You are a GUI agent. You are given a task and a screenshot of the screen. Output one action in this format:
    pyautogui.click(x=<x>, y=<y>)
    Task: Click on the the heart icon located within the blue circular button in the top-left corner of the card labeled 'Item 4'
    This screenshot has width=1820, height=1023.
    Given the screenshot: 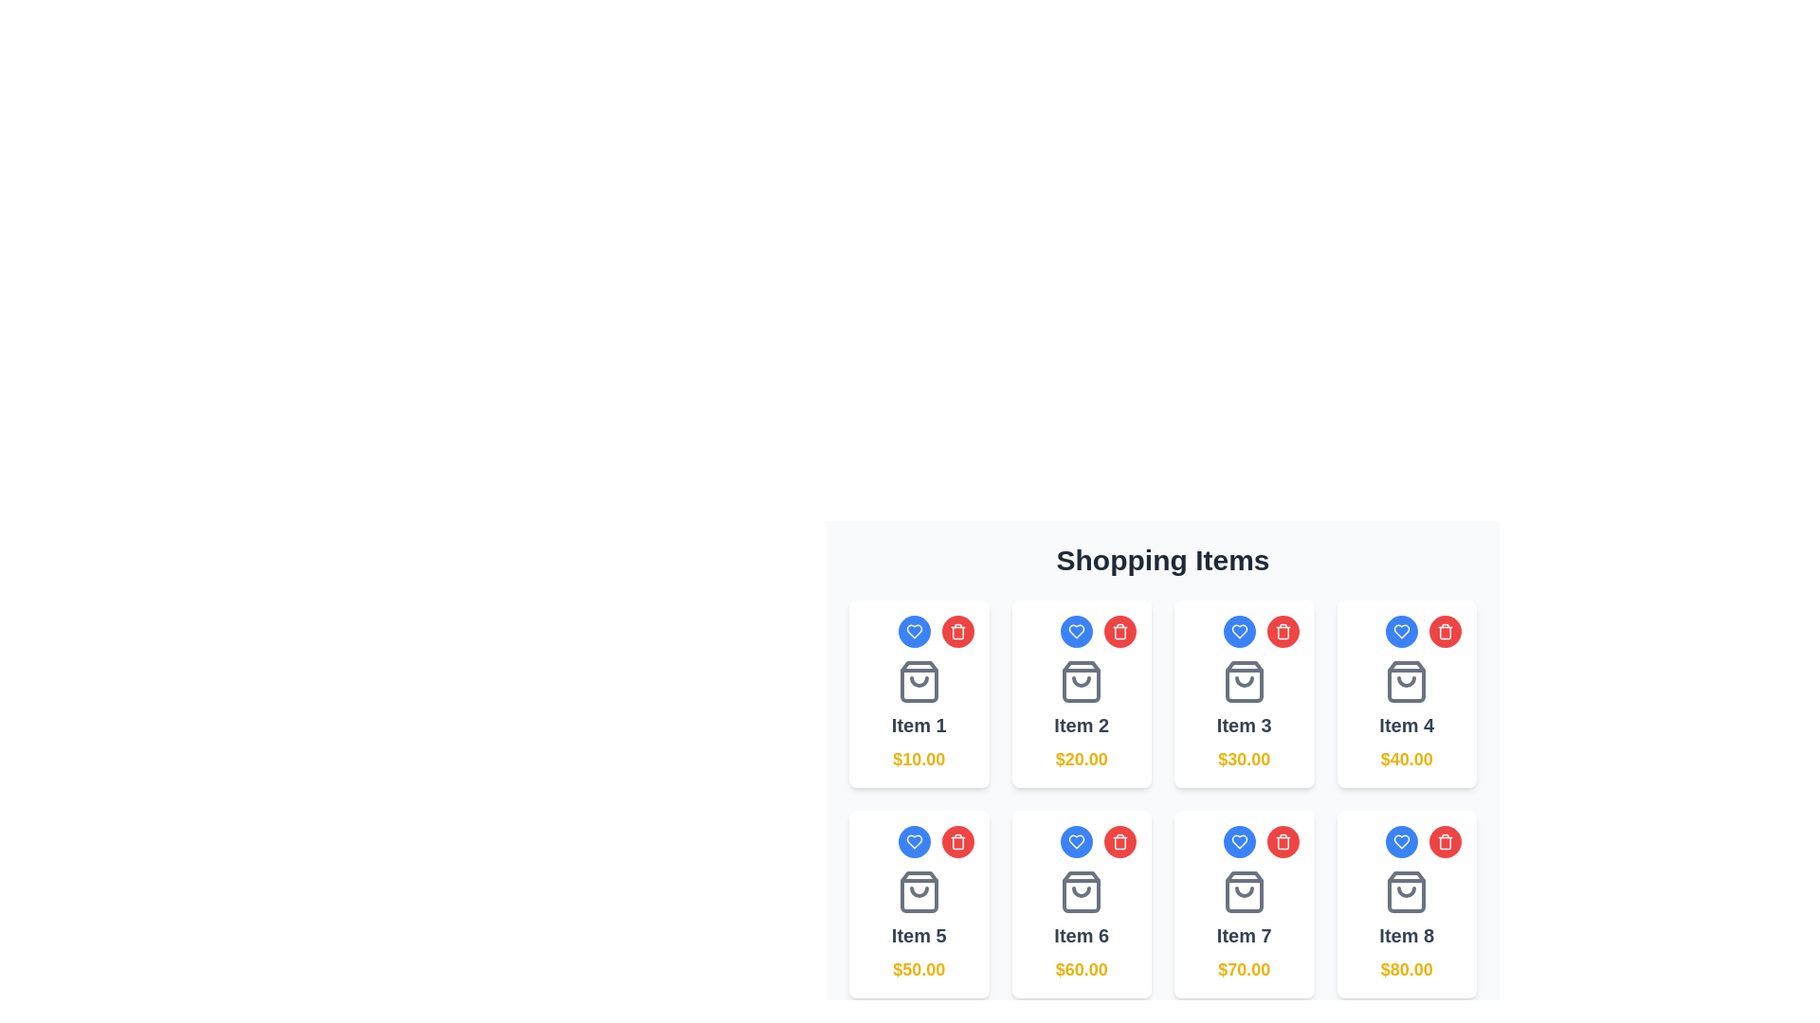 What is the action you would take?
    pyautogui.click(x=1401, y=632)
    